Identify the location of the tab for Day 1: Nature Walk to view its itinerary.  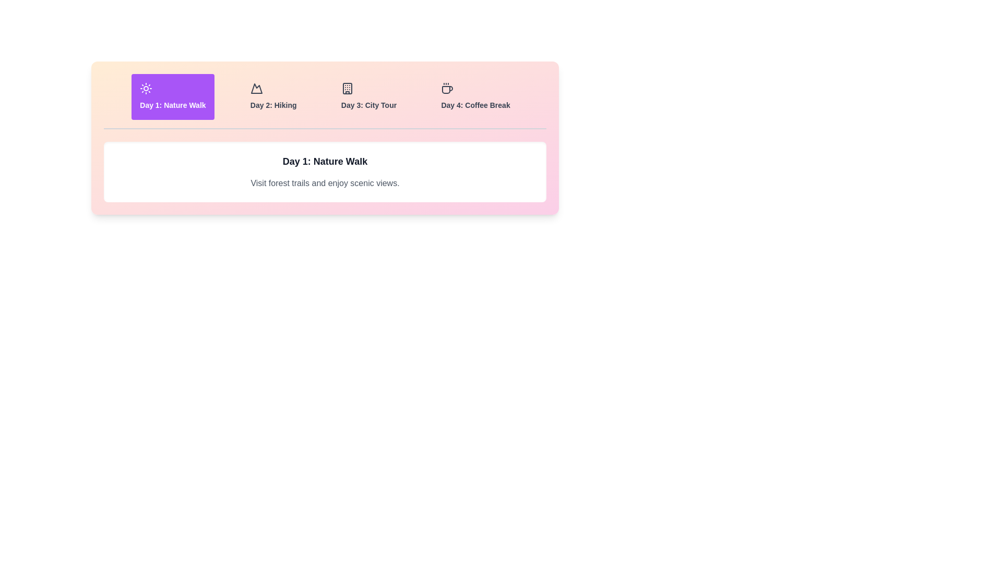
(173, 96).